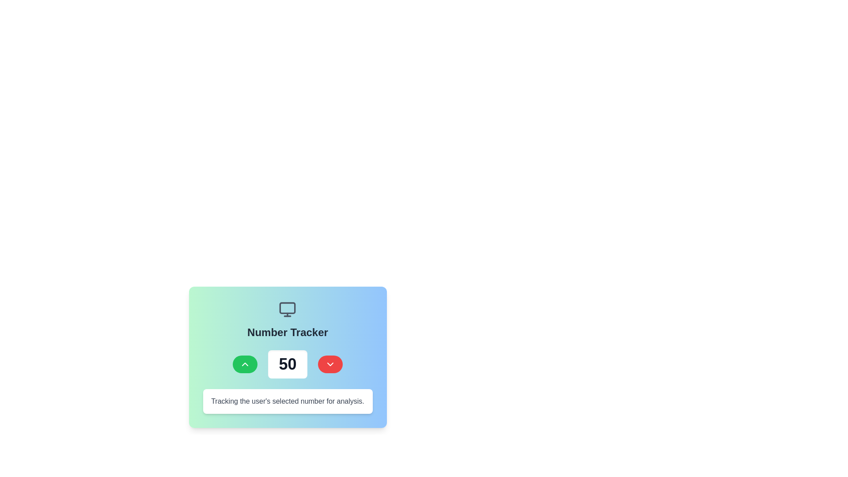 The image size is (848, 477). I want to click on the button with an icon located to the left of the number '50' to increment the displayed number, so click(245, 364).